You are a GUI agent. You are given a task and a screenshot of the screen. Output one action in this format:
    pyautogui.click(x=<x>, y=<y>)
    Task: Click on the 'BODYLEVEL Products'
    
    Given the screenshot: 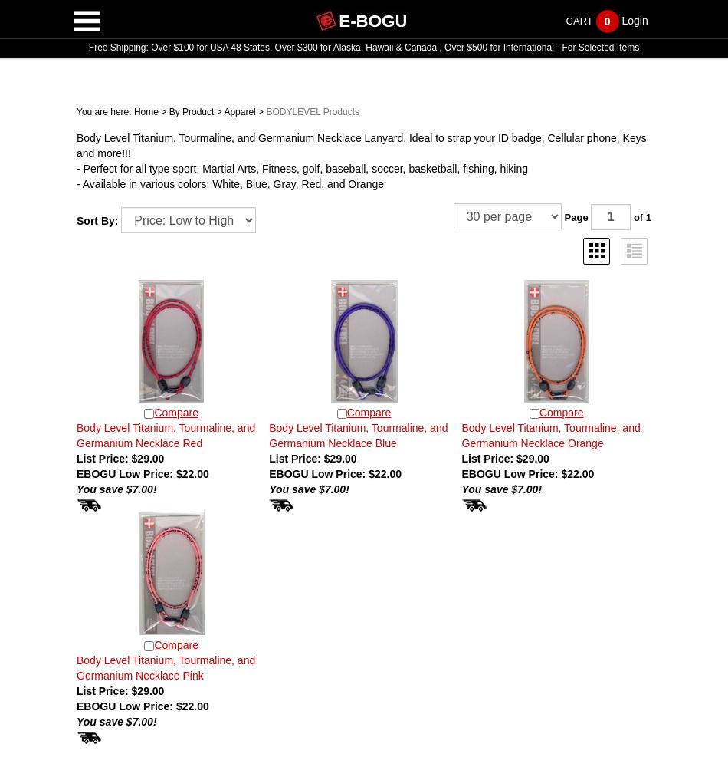 What is the action you would take?
    pyautogui.click(x=312, y=112)
    